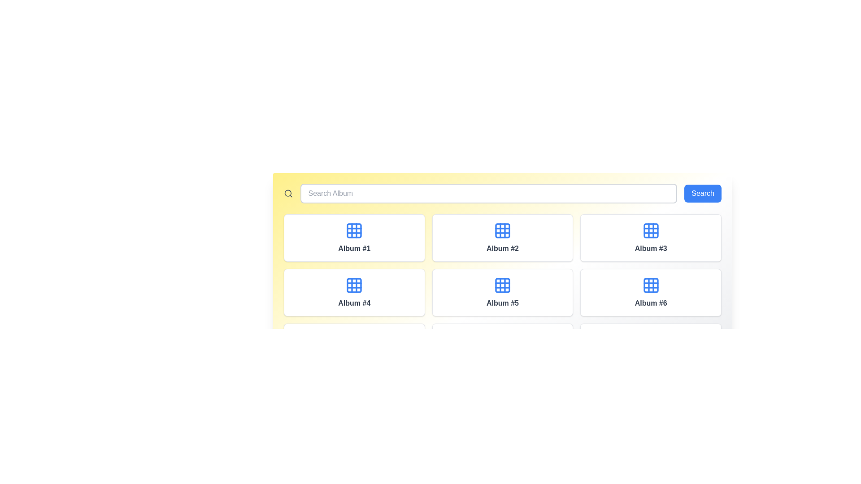 The height and width of the screenshot is (484, 861). Describe the element at coordinates (651, 230) in the screenshot. I see `the album icon located above the 'Album #3' text in the upper-center portion of the album card grid` at that location.